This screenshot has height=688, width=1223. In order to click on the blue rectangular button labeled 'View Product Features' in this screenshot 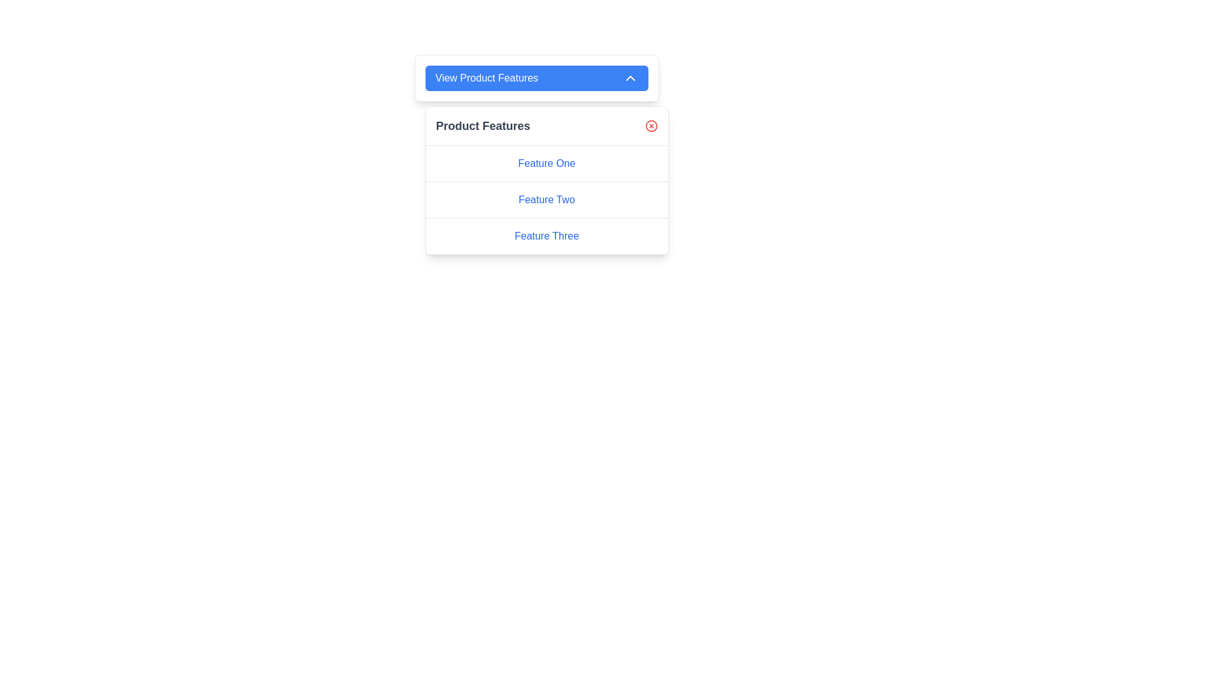, I will do `click(536, 78)`.